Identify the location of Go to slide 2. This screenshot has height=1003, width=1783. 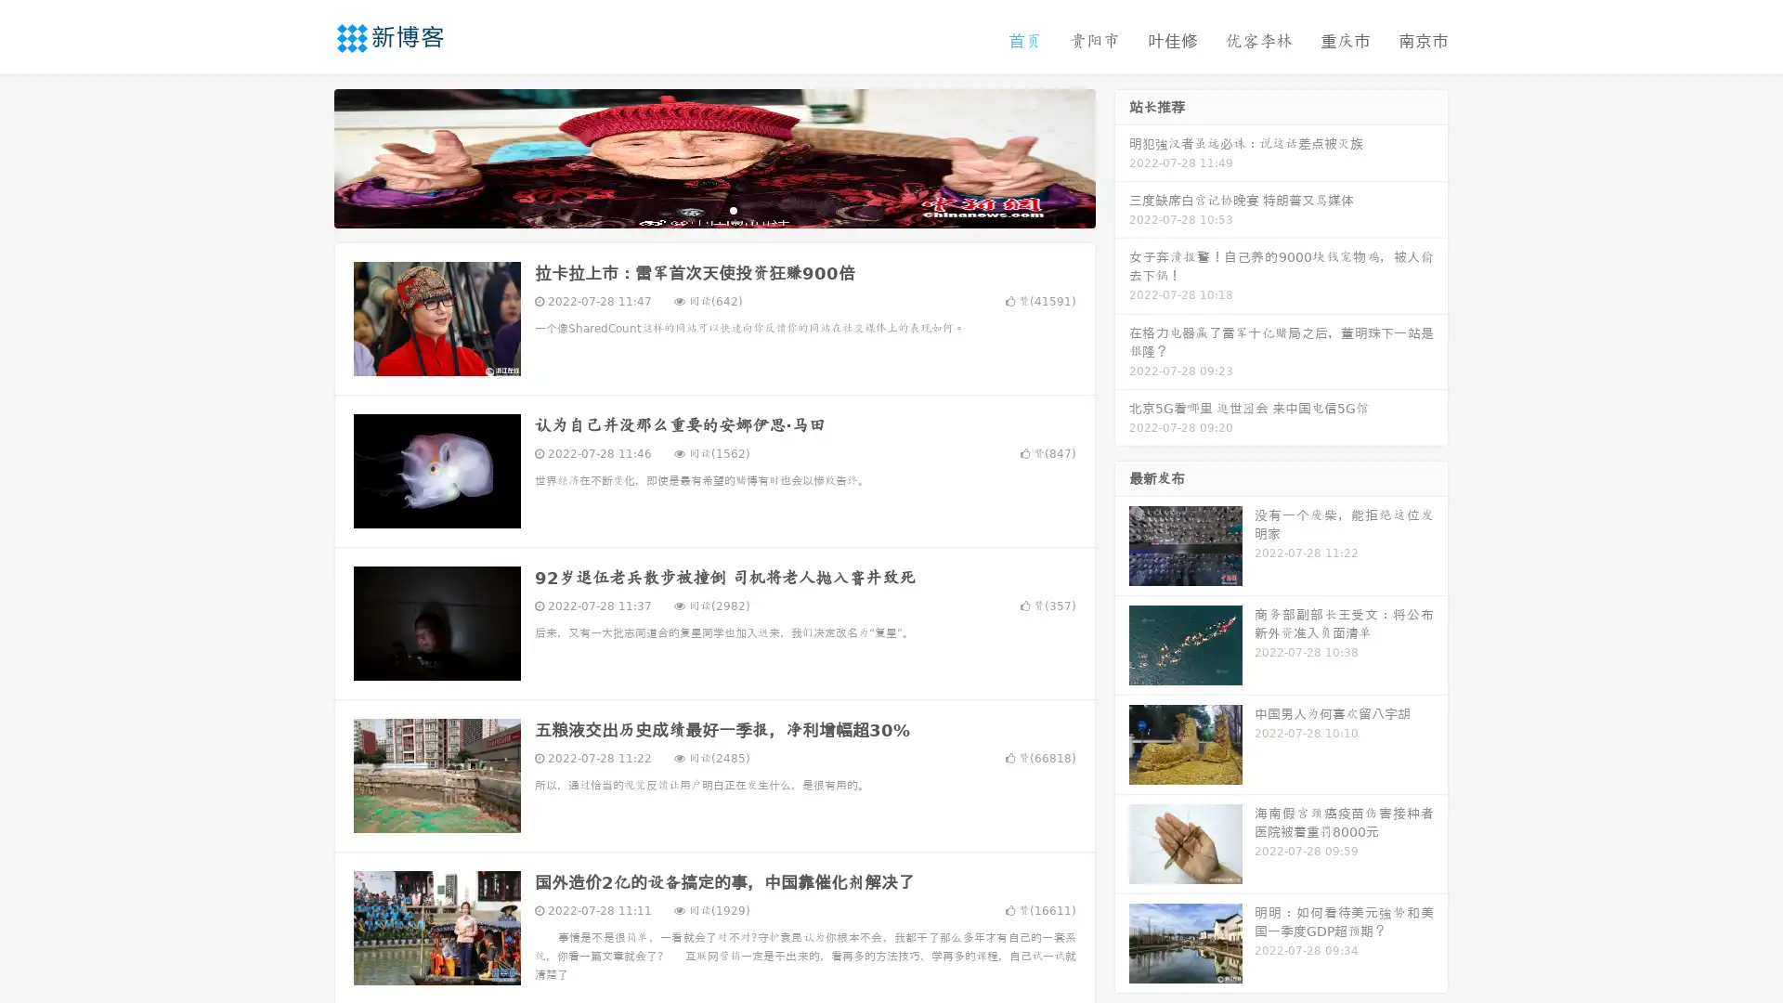
(713, 209).